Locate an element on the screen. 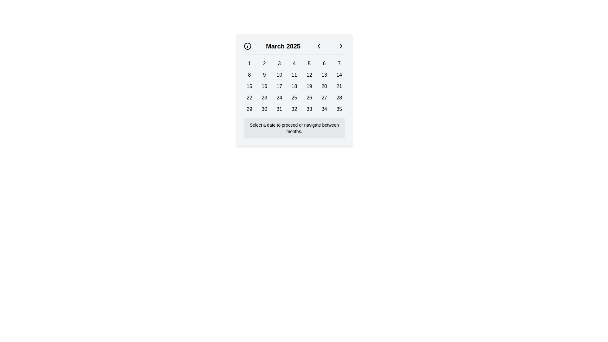 Image resolution: width=608 pixels, height=342 pixels. the button displaying the number '35' is located at coordinates (339, 109).